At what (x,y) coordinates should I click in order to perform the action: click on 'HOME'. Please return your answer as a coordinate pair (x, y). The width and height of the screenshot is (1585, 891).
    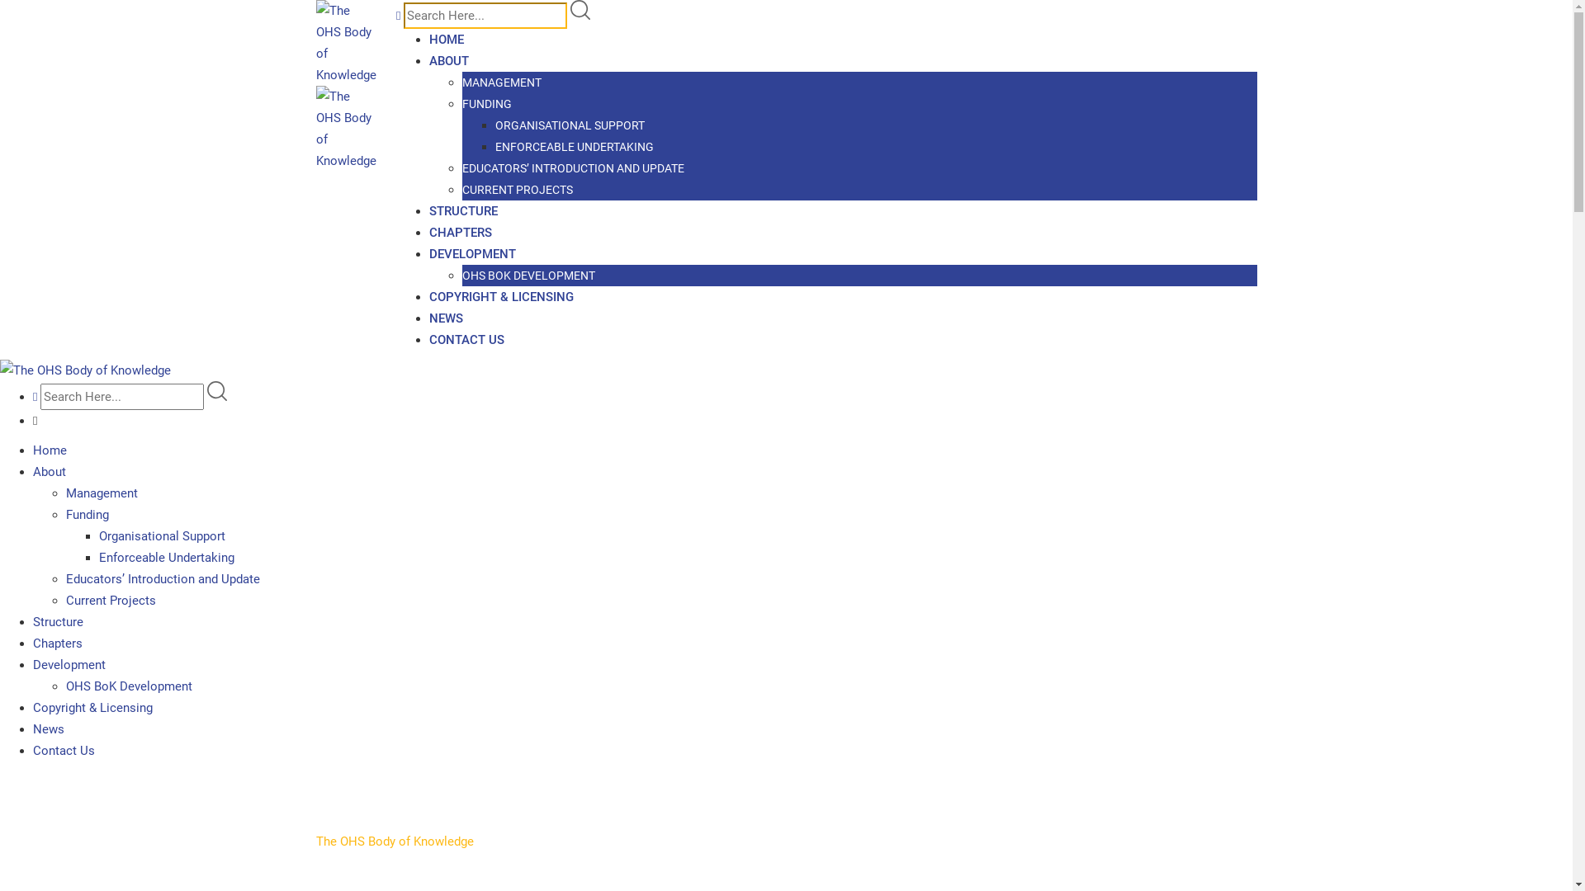
    Looking at the image, I should click on (447, 38).